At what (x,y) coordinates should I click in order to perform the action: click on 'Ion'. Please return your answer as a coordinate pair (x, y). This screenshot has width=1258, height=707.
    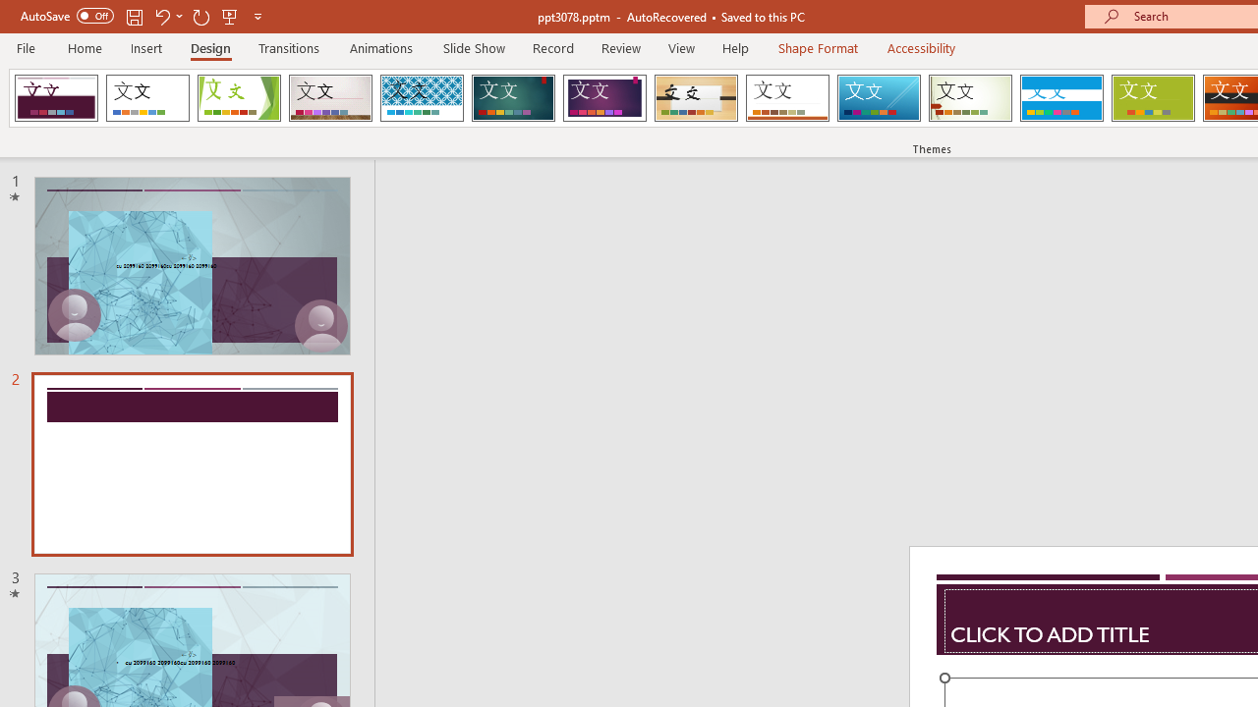
    Looking at the image, I should click on (513, 98).